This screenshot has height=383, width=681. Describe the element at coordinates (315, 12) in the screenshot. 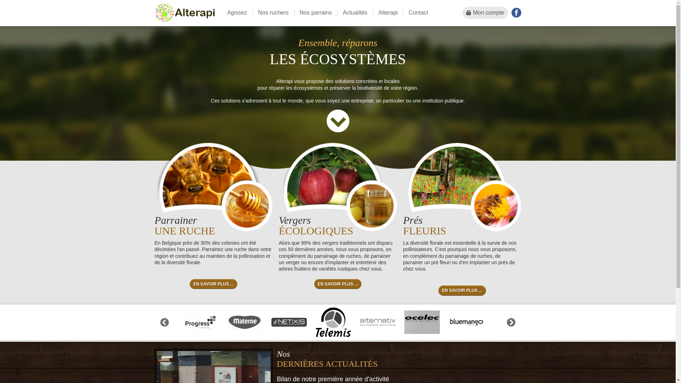

I see `'Nos parrains'` at that location.